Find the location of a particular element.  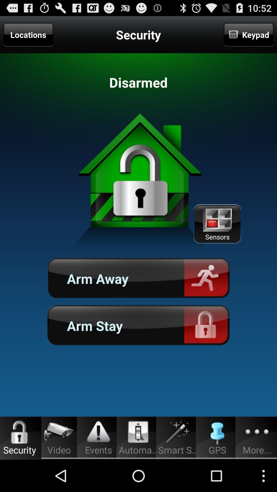

locations on the top left corner is located at coordinates (28, 34).